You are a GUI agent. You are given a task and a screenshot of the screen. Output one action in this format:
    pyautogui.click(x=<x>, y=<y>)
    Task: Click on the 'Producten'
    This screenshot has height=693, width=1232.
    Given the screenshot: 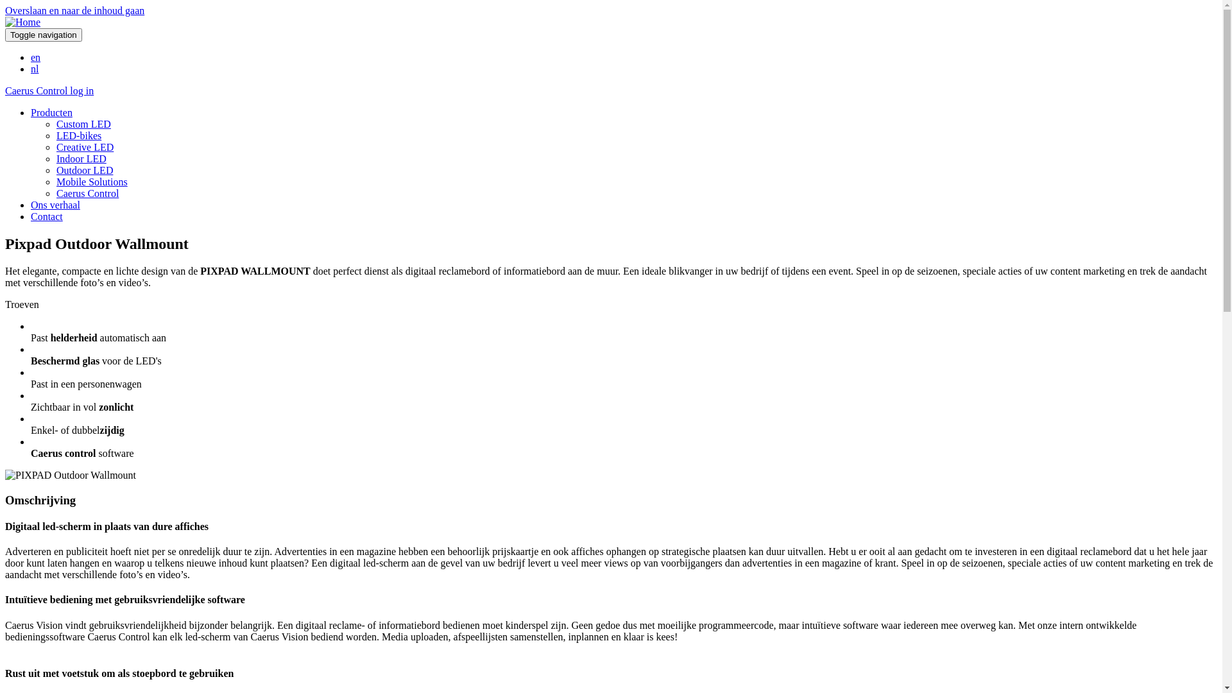 What is the action you would take?
    pyautogui.click(x=51, y=112)
    